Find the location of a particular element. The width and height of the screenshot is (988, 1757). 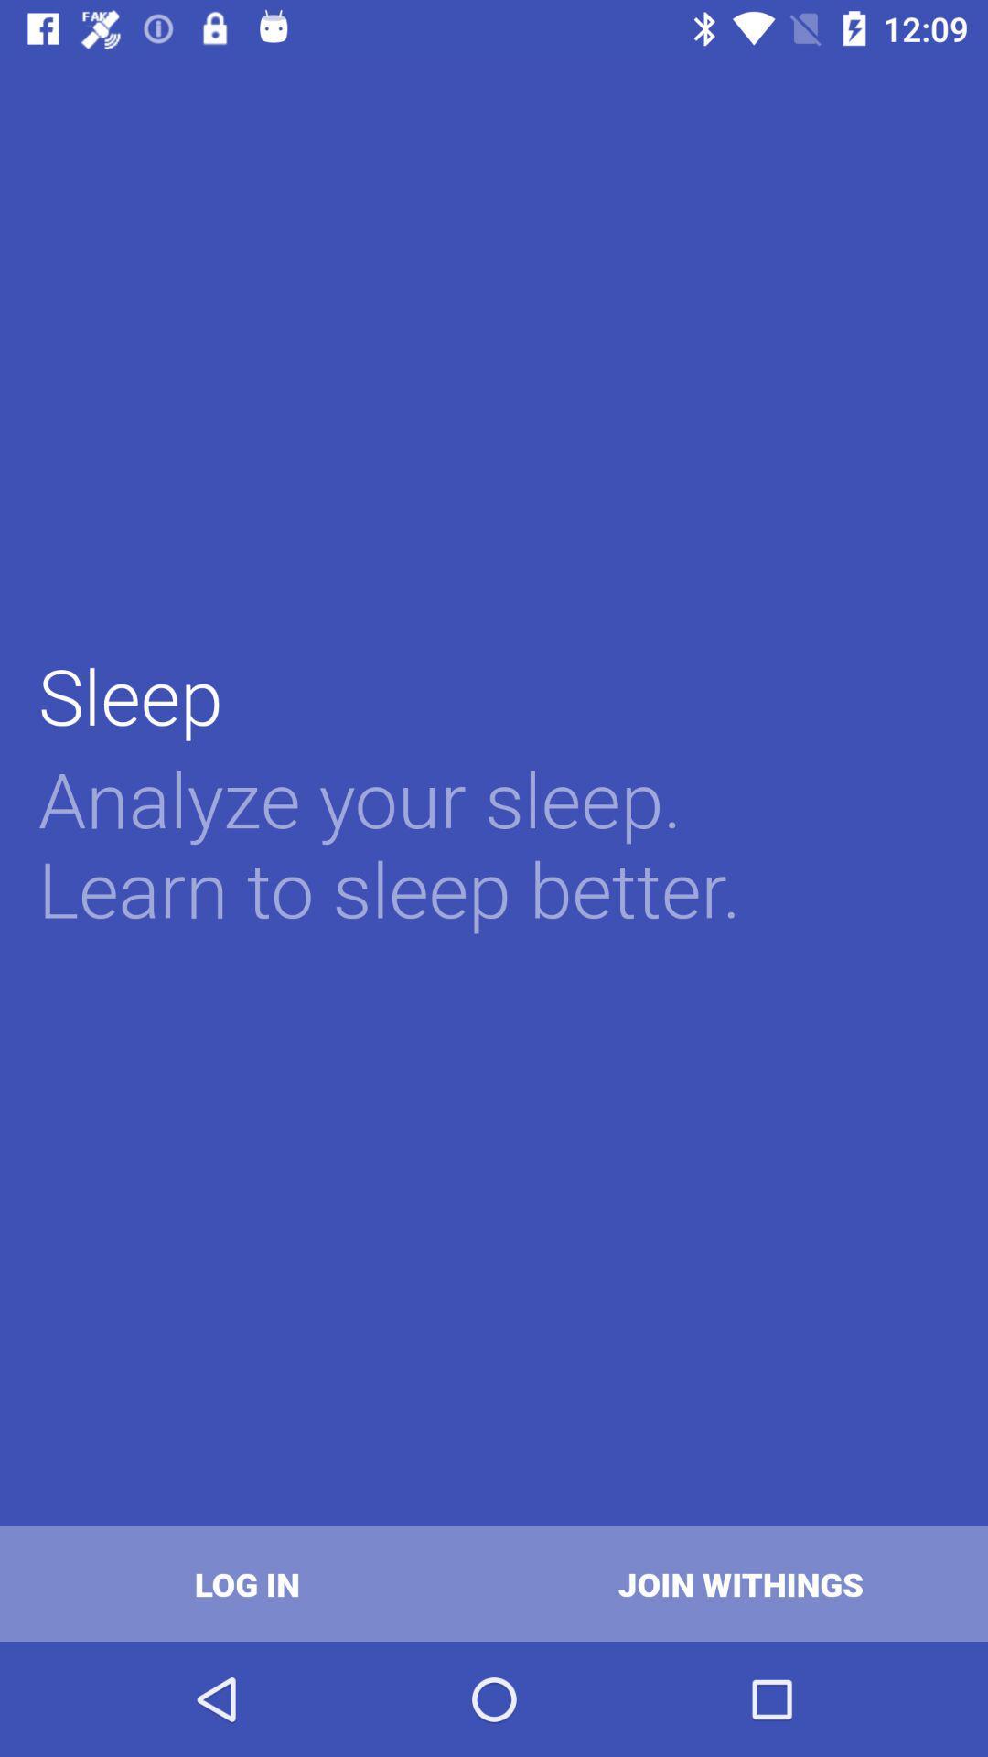

the log in at the bottom left corner is located at coordinates (247, 1583).